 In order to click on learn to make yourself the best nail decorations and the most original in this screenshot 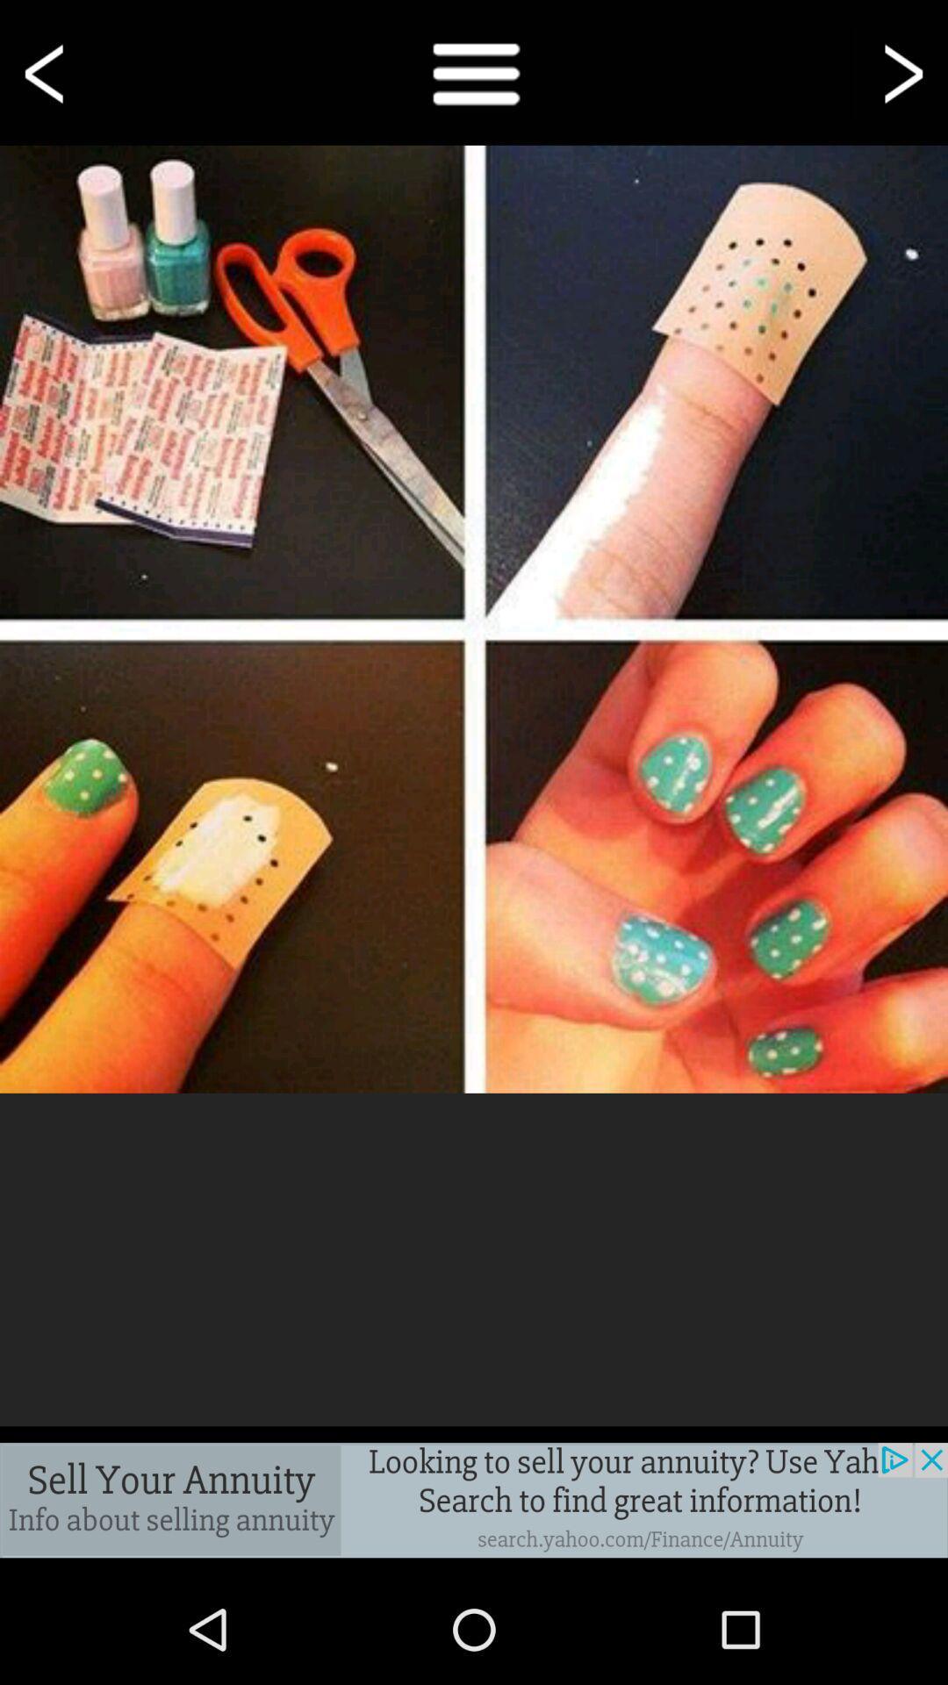, I will do `click(474, 619)`.